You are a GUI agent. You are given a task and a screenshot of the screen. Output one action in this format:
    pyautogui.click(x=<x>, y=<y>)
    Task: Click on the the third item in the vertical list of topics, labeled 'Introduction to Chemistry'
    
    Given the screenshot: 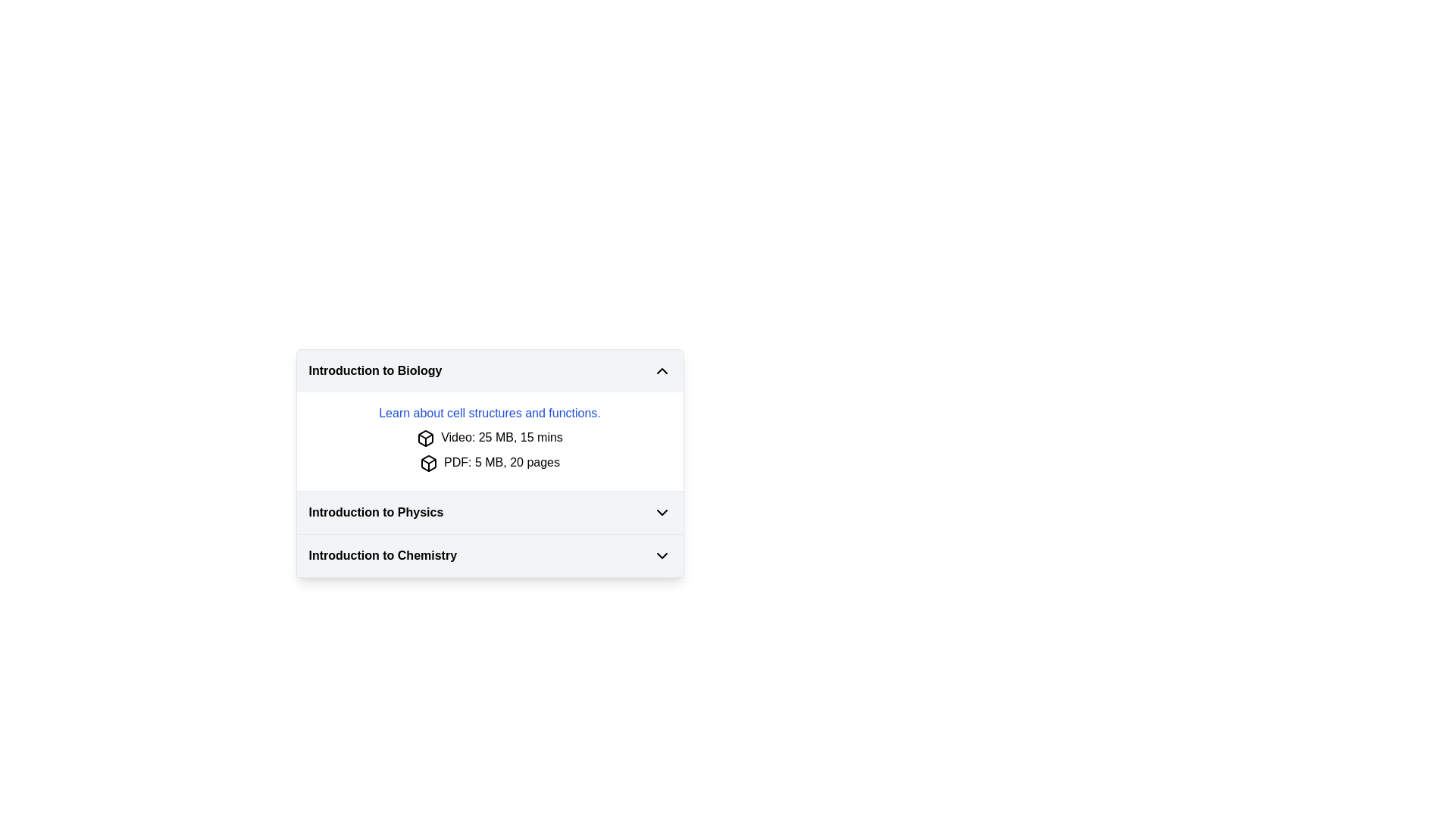 What is the action you would take?
    pyautogui.click(x=490, y=555)
    